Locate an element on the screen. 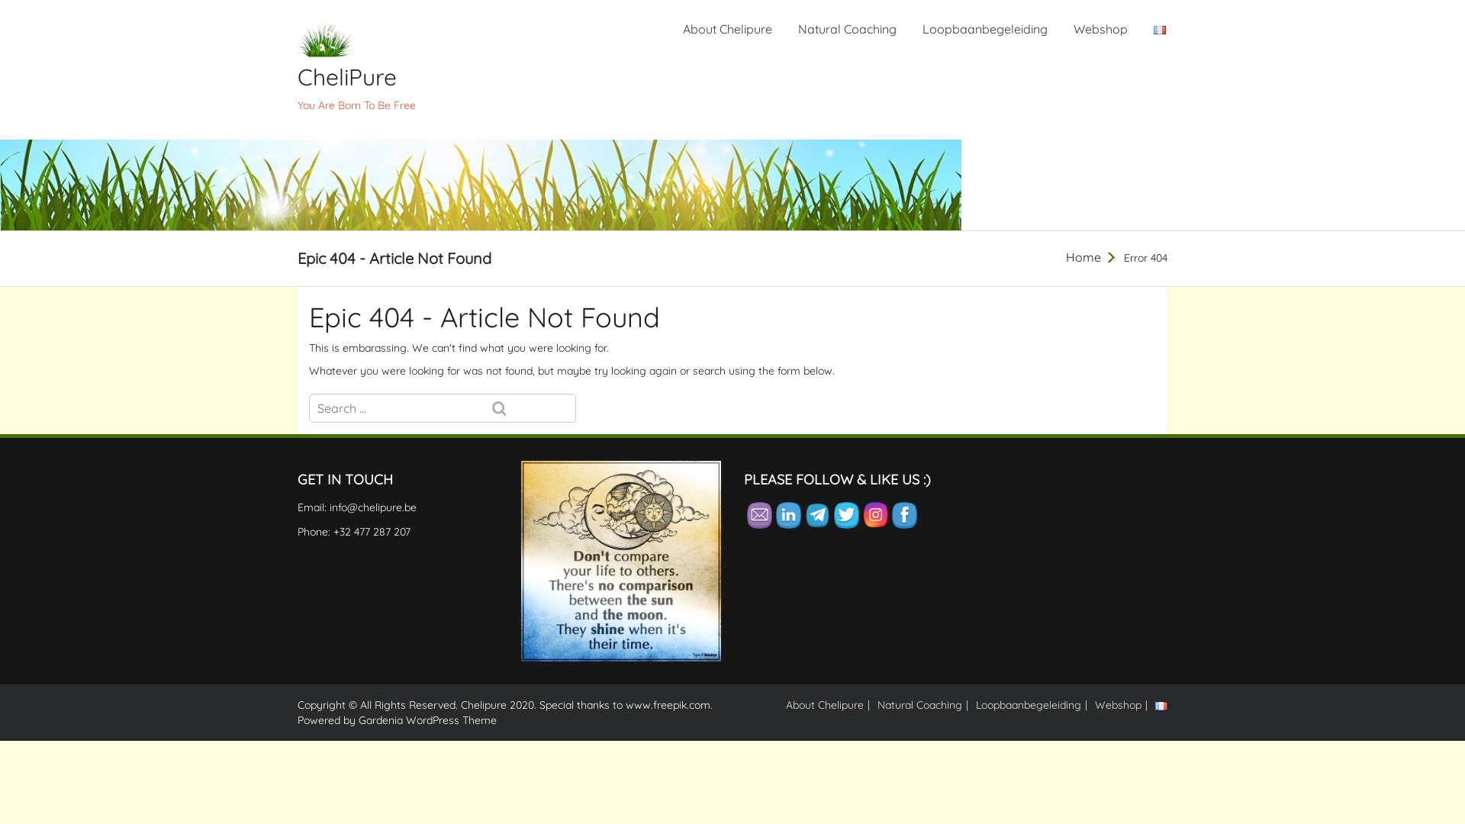  'Home' is located at coordinates (1064, 256).